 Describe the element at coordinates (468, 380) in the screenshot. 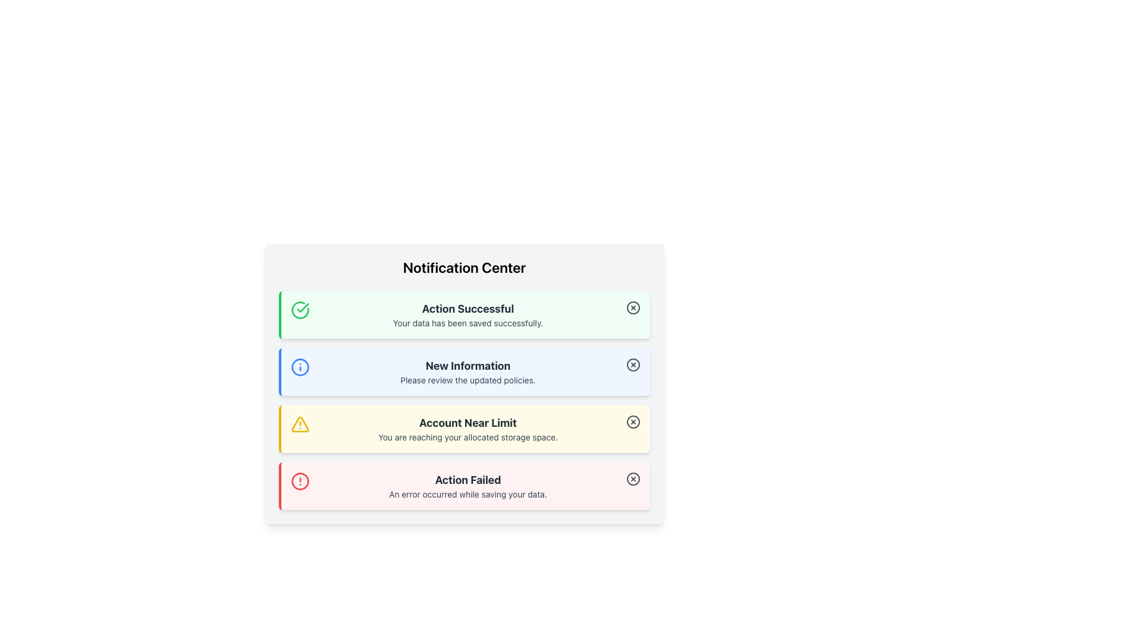

I see `the static text located within the 'New Information' notification card, specifically positioned under the bolded title text` at that location.